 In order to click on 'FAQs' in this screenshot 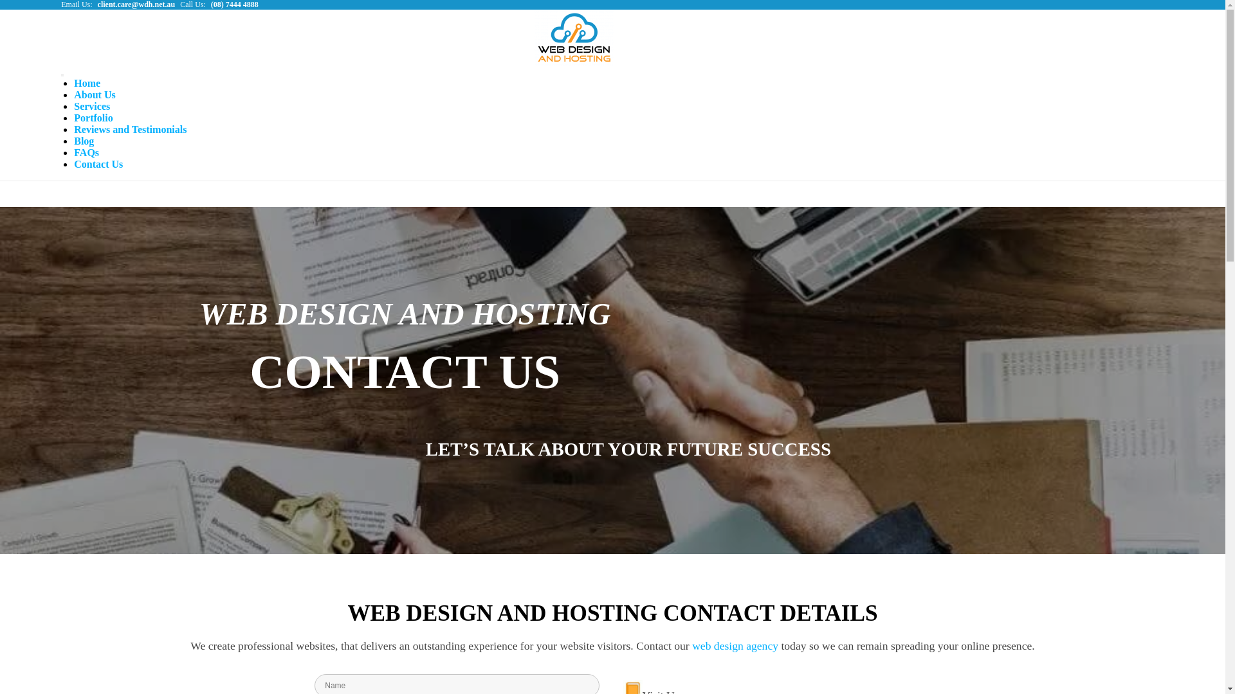, I will do `click(86, 152)`.